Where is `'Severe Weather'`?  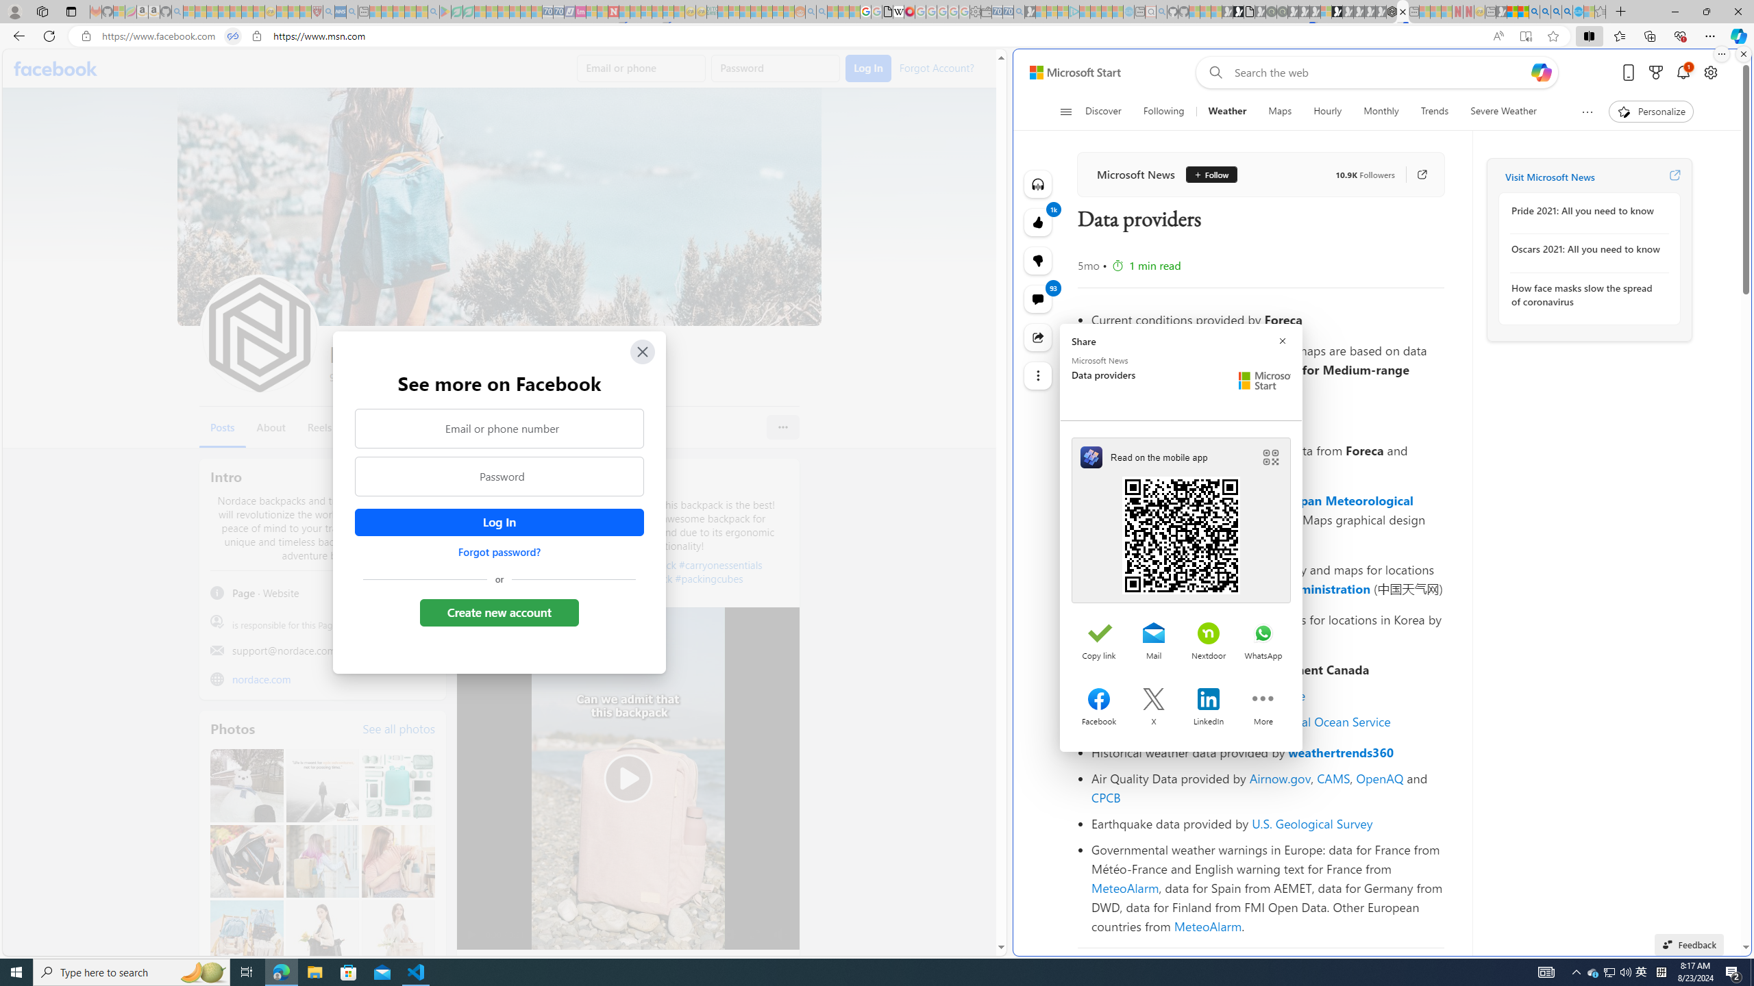
'Severe Weather' is located at coordinates (1503, 111).